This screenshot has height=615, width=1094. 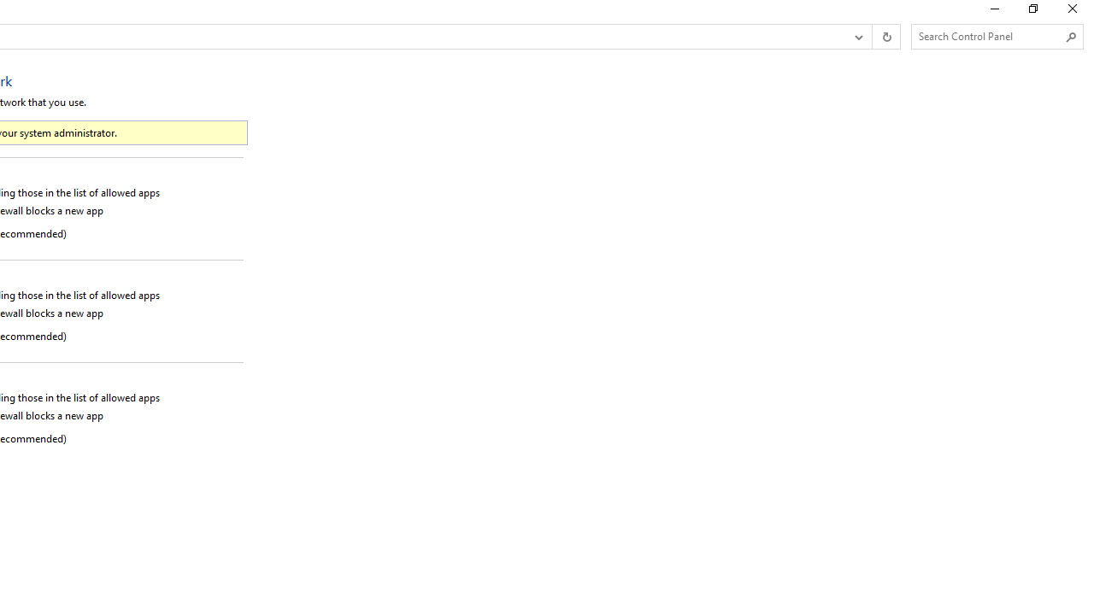 I want to click on 'Refresh "Customize Settings" (F5)', so click(x=885, y=37).